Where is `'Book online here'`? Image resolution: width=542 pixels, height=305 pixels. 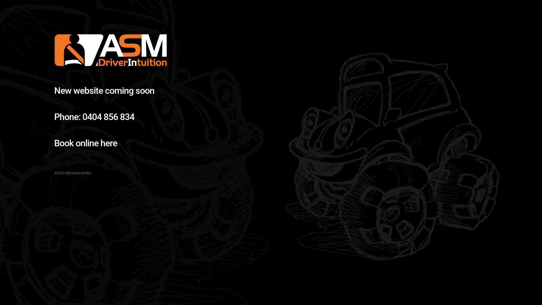 'Book online here' is located at coordinates (85, 143).